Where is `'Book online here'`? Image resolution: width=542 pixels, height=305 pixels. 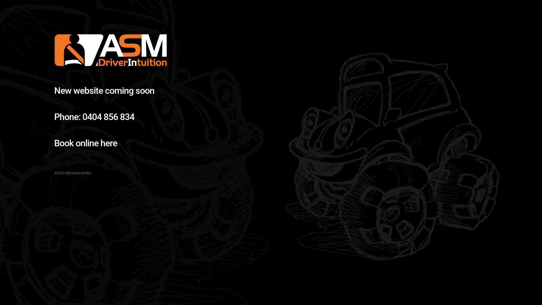 'Book online here' is located at coordinates (85, 143).